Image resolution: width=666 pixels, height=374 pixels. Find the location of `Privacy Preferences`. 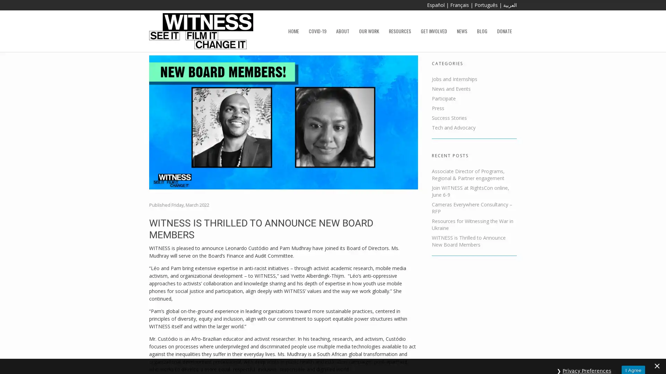

Privacy Preferences is located at coordinates (587, 361).